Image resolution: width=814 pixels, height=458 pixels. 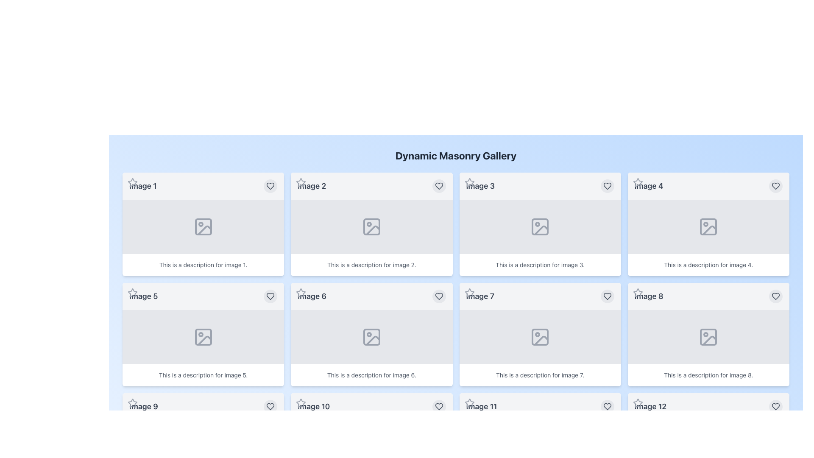 What do you see at coordinates (539, 226) in the screenshot?
I see `the Image Placeholder element, which is a rectangular area with a light gray background and an icon of an image placeholder, located in the middle row and third column of a masonry grid layout, within the card representing 'Image 3'` at bounding box center [539, 226].